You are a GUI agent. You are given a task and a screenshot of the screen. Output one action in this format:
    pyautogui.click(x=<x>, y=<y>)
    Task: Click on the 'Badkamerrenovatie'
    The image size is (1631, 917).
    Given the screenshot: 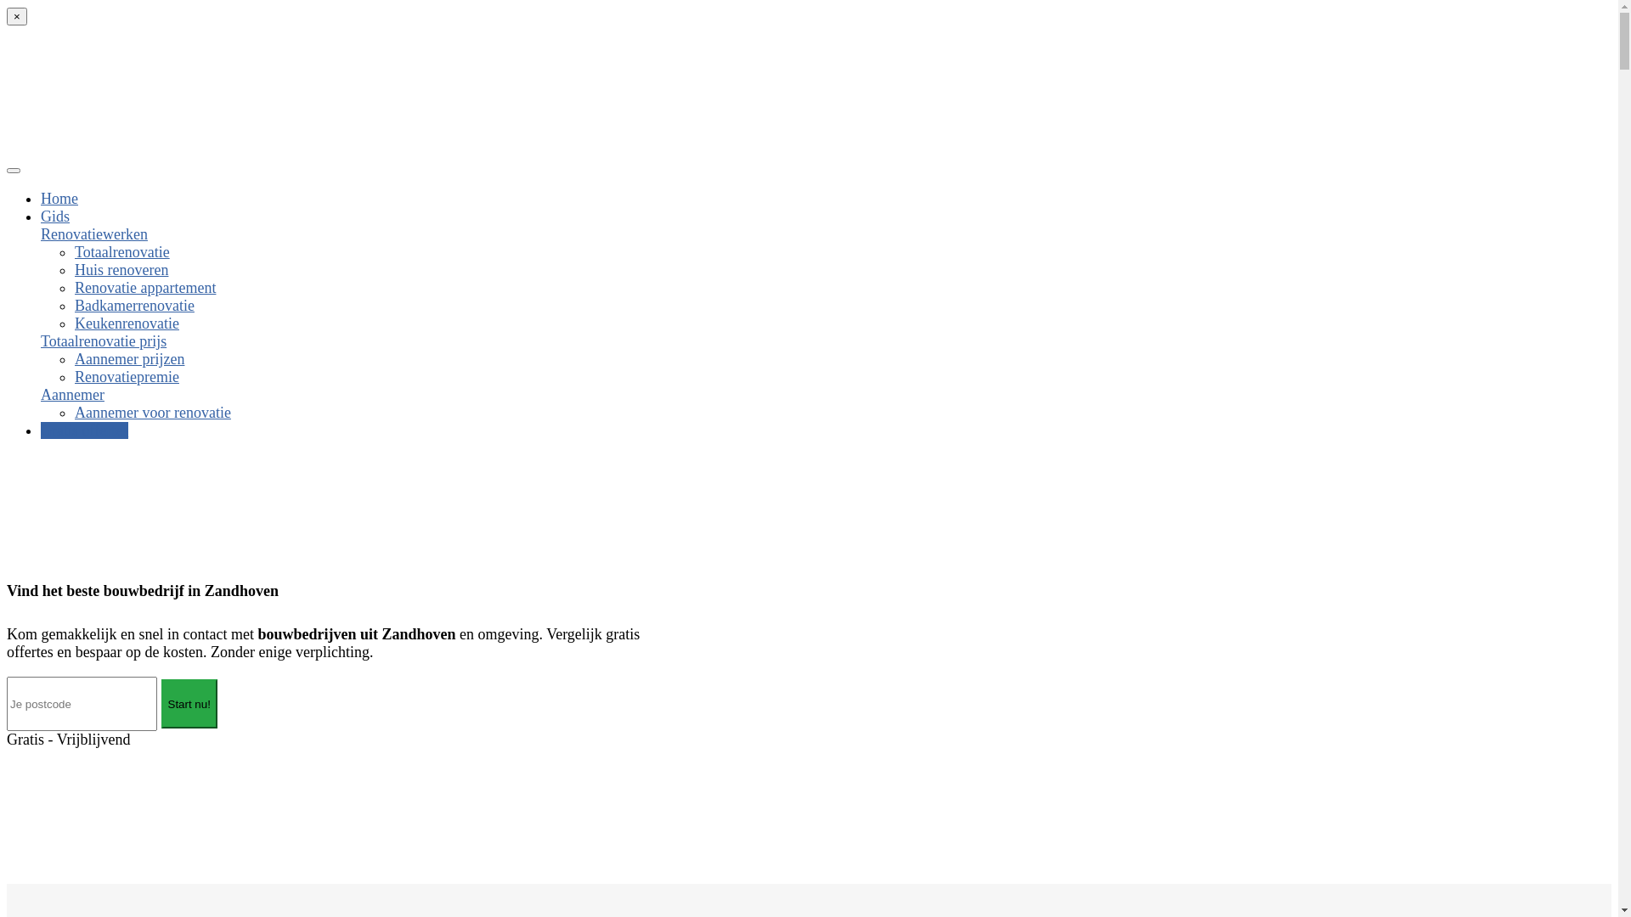 What is the action you would take?
    pyautogui.click(x=133, y=304)
    